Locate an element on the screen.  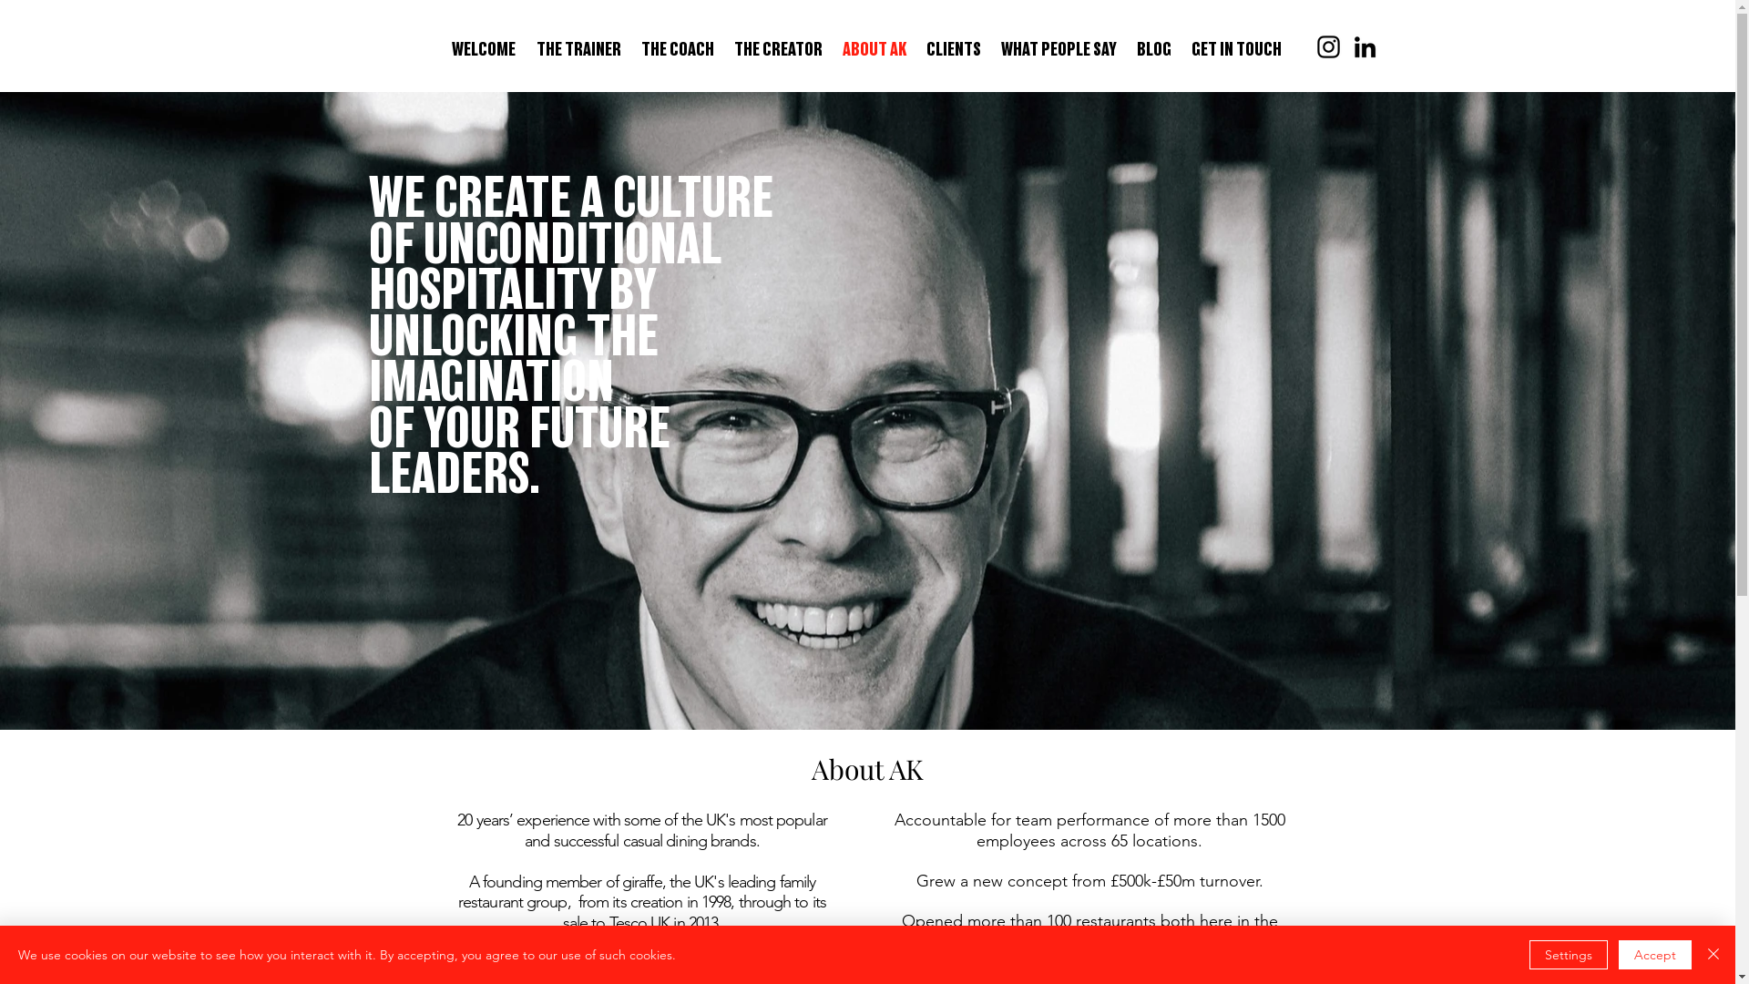
'ABOUT AK' is located at coordinates (874, 48).